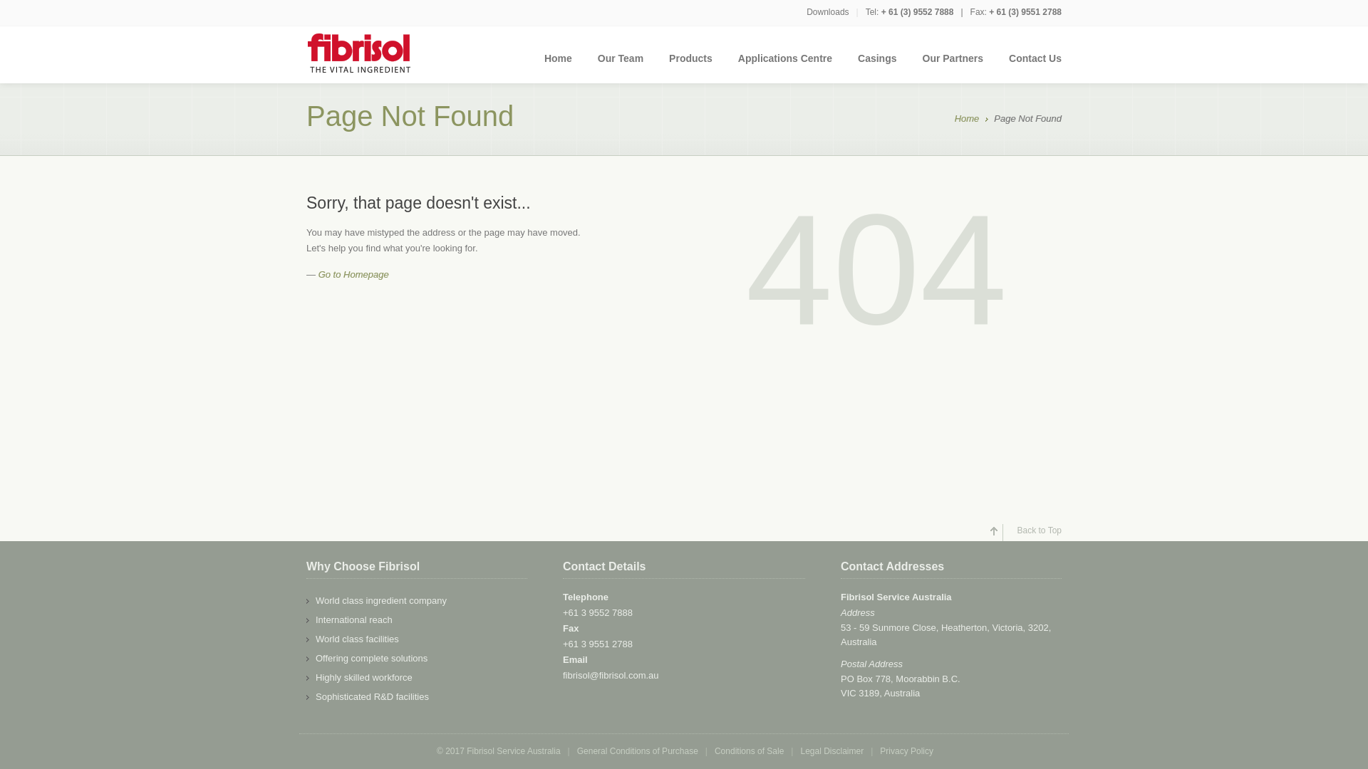 The image size is (1368, 769). Describe the element at coordinates (908, 66) in the screenshot. I see `'Our Partners'` at that location.